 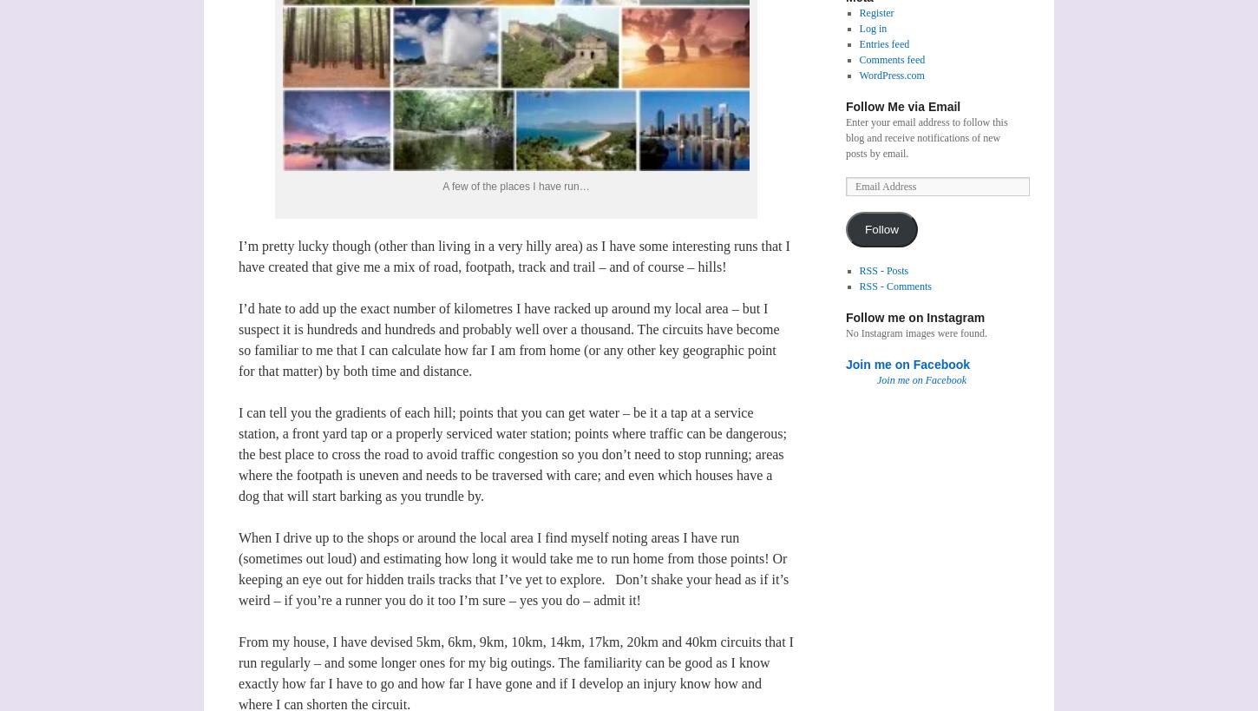 What do you see at coordinates (514, 255) in the screenshot?
I see `'I’m pretty lucky though (other than living in a very hilly area) as I have some interesting runs that I have created that give me a mix of road, footpath, track and trail – and of course – hills!'` at bounding box center [514, 255].